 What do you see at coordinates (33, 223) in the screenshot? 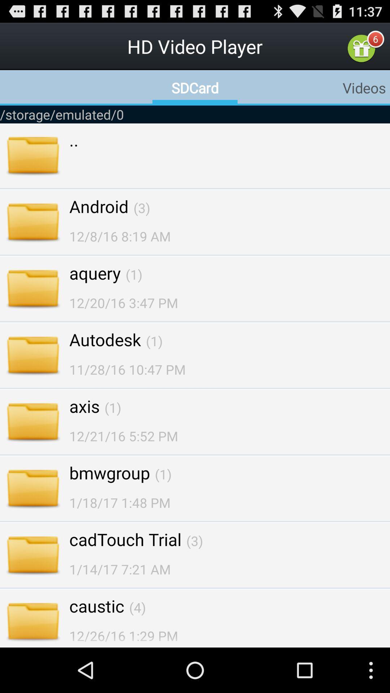
I see `the file icon beside android` at bounding box center [33, 223].